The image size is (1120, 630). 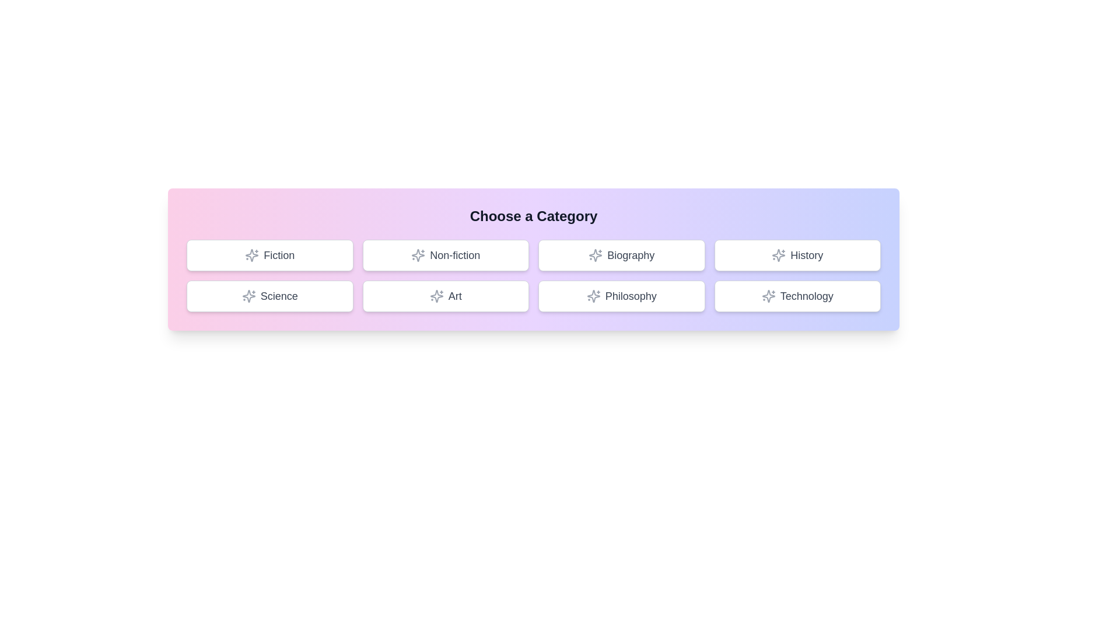 What do you see at coordinates (621, 296) in the screenshot?
I see `the button labeled 'Philosophy' to observe the hover effect` at bounding box center [621, 296].